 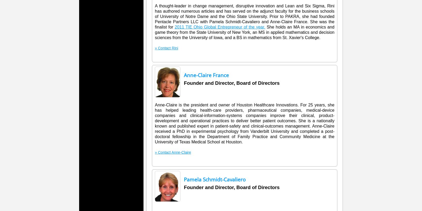 What do you see at coordinates (155, 115) in the screenshot?
I see `'Anne-Claire is the president and owner of Houston Healthcare Innovations. For 25 years, she has helped leading health-care providers, pharmaceutical companies, medical-device companies and clinical-information-systems companies improve their clinical, product-development and operational practices to deliver better patient outcomes. She is a nationally known and published expert in patient-safety and clinical-outcomes management.'` at bounding box center [155, 115].